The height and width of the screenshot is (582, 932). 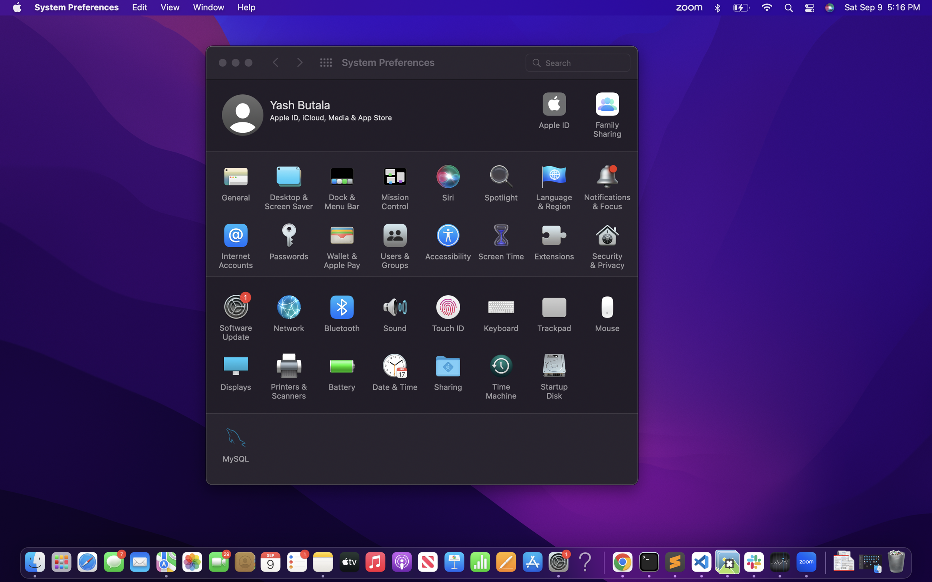 What do you see at coordinates (289, 187) in the screenshot?
I see `Activate the desktop and screen saver settings feature by clicking on it` at bounding box center [289, 187].